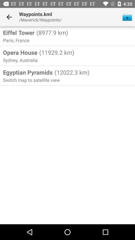 The height and width of the screenshot is (240, 135). What do you see at coordinates (9, 17) in the screenshot?
I see `item next to waypoints.kml item` at bounding box center [9, 17].